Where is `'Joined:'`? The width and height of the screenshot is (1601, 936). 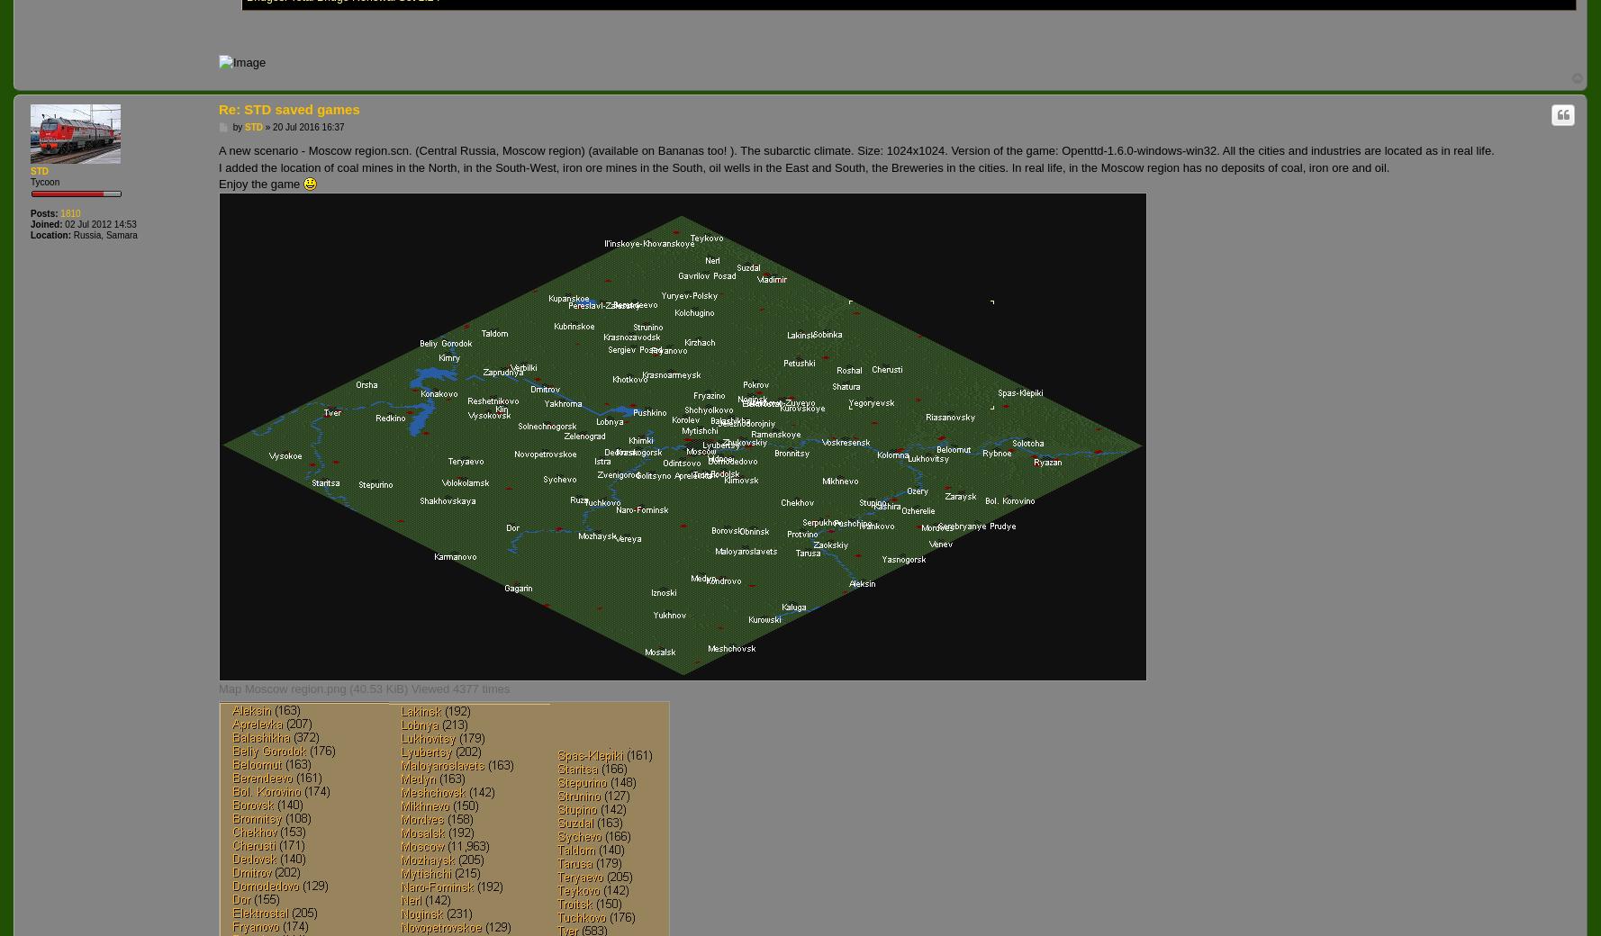 'Joined:' is located at coordinates (46, 224).